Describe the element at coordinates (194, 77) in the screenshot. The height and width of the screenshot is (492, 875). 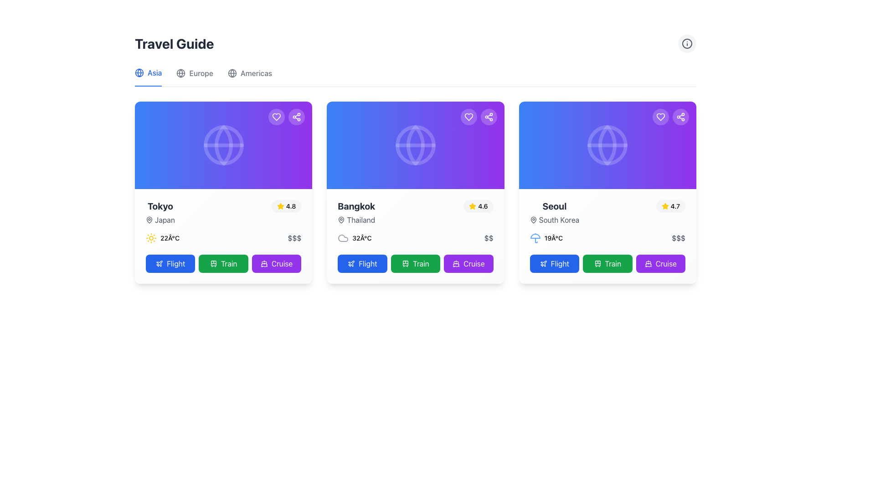
I see `the 'Europe' navigation link, which is the second item in the horizontal navigation bar` at that location.